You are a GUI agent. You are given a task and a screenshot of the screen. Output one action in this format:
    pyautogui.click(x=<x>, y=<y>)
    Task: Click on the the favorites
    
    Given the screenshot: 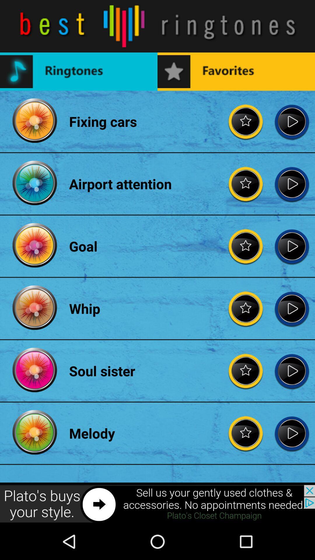 What is the action you would take?
    pyautogui.click(x=246, y=370)
    